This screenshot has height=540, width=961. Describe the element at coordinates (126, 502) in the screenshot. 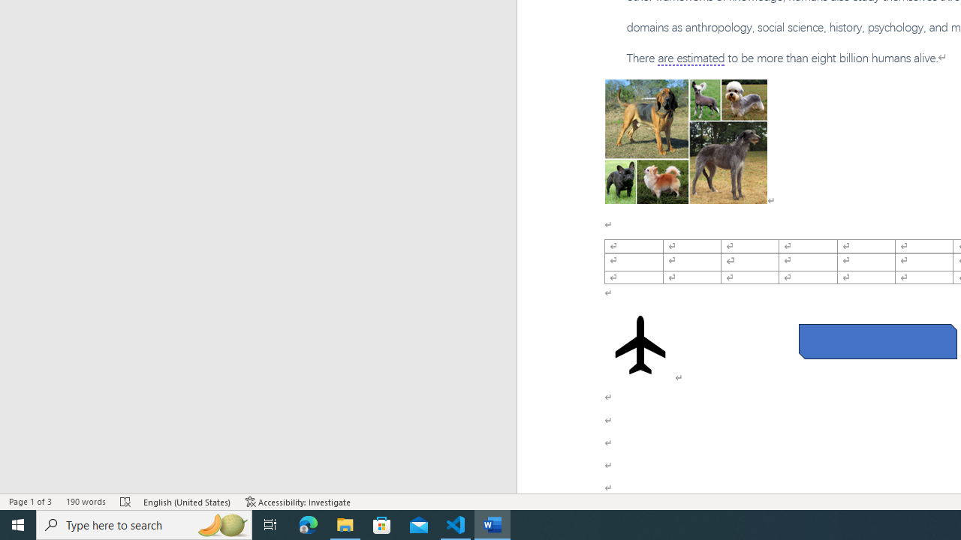

I see `'Spelling and Grammar Check Errors'` at that location.